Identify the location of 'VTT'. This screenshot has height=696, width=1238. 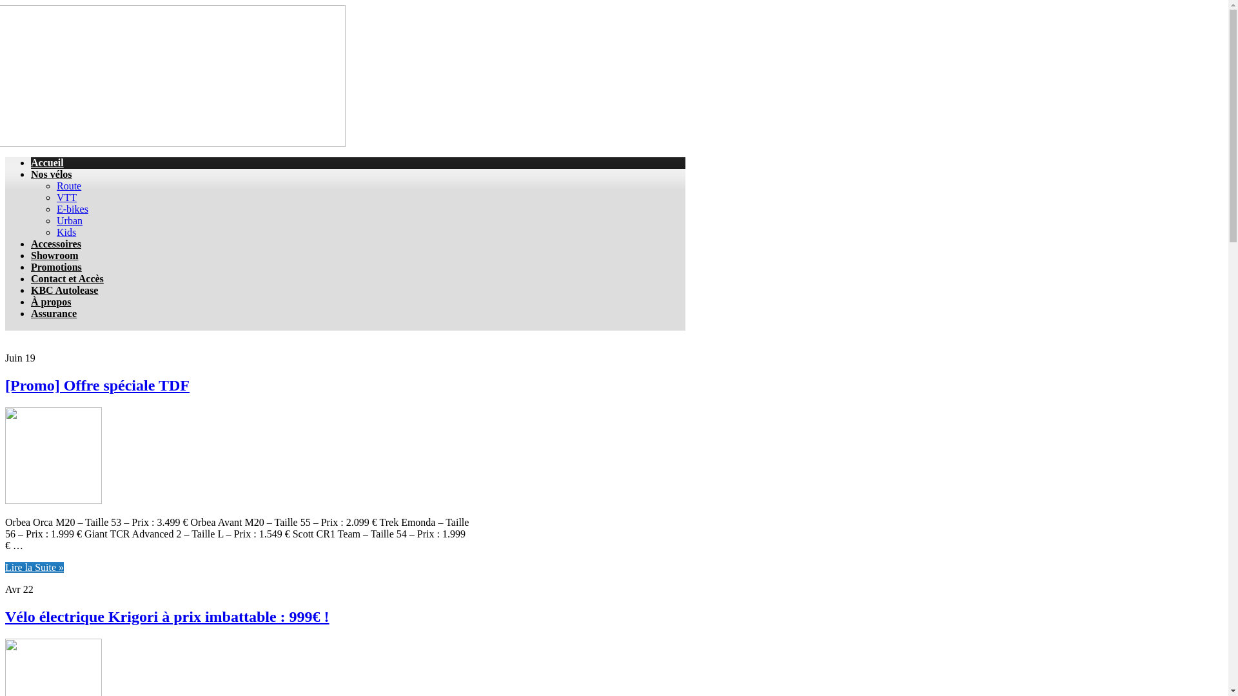
(66, 197).